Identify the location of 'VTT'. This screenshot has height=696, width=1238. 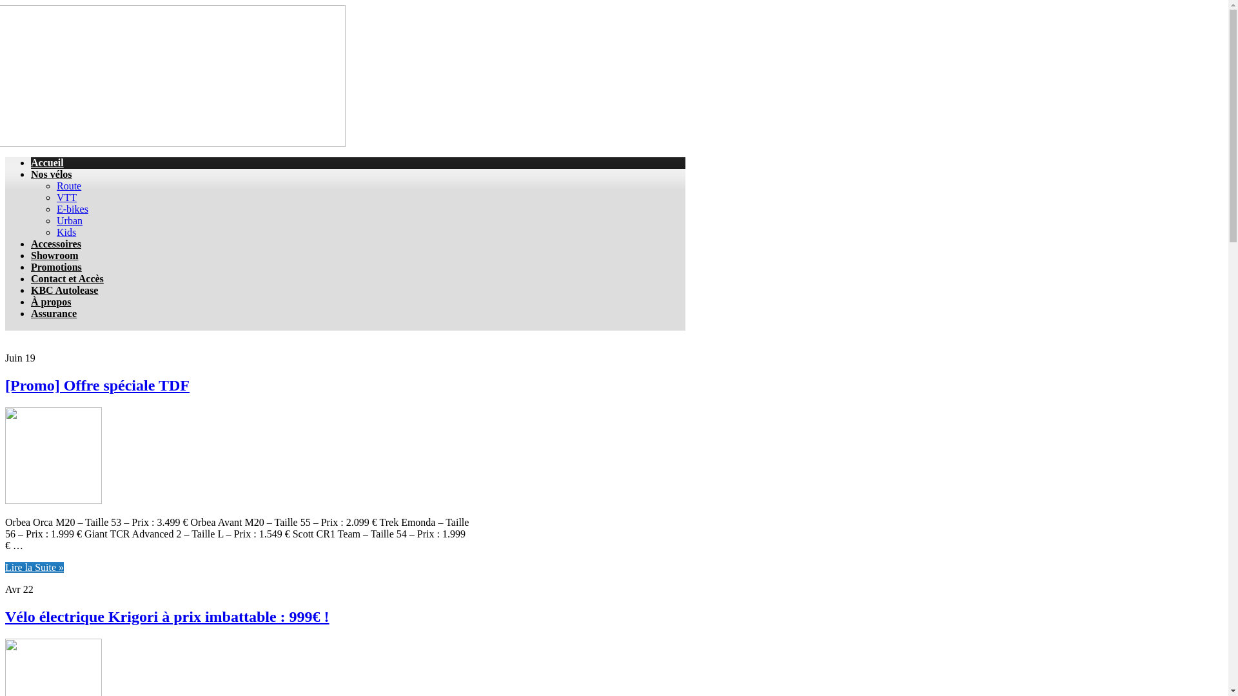
(66, 197).